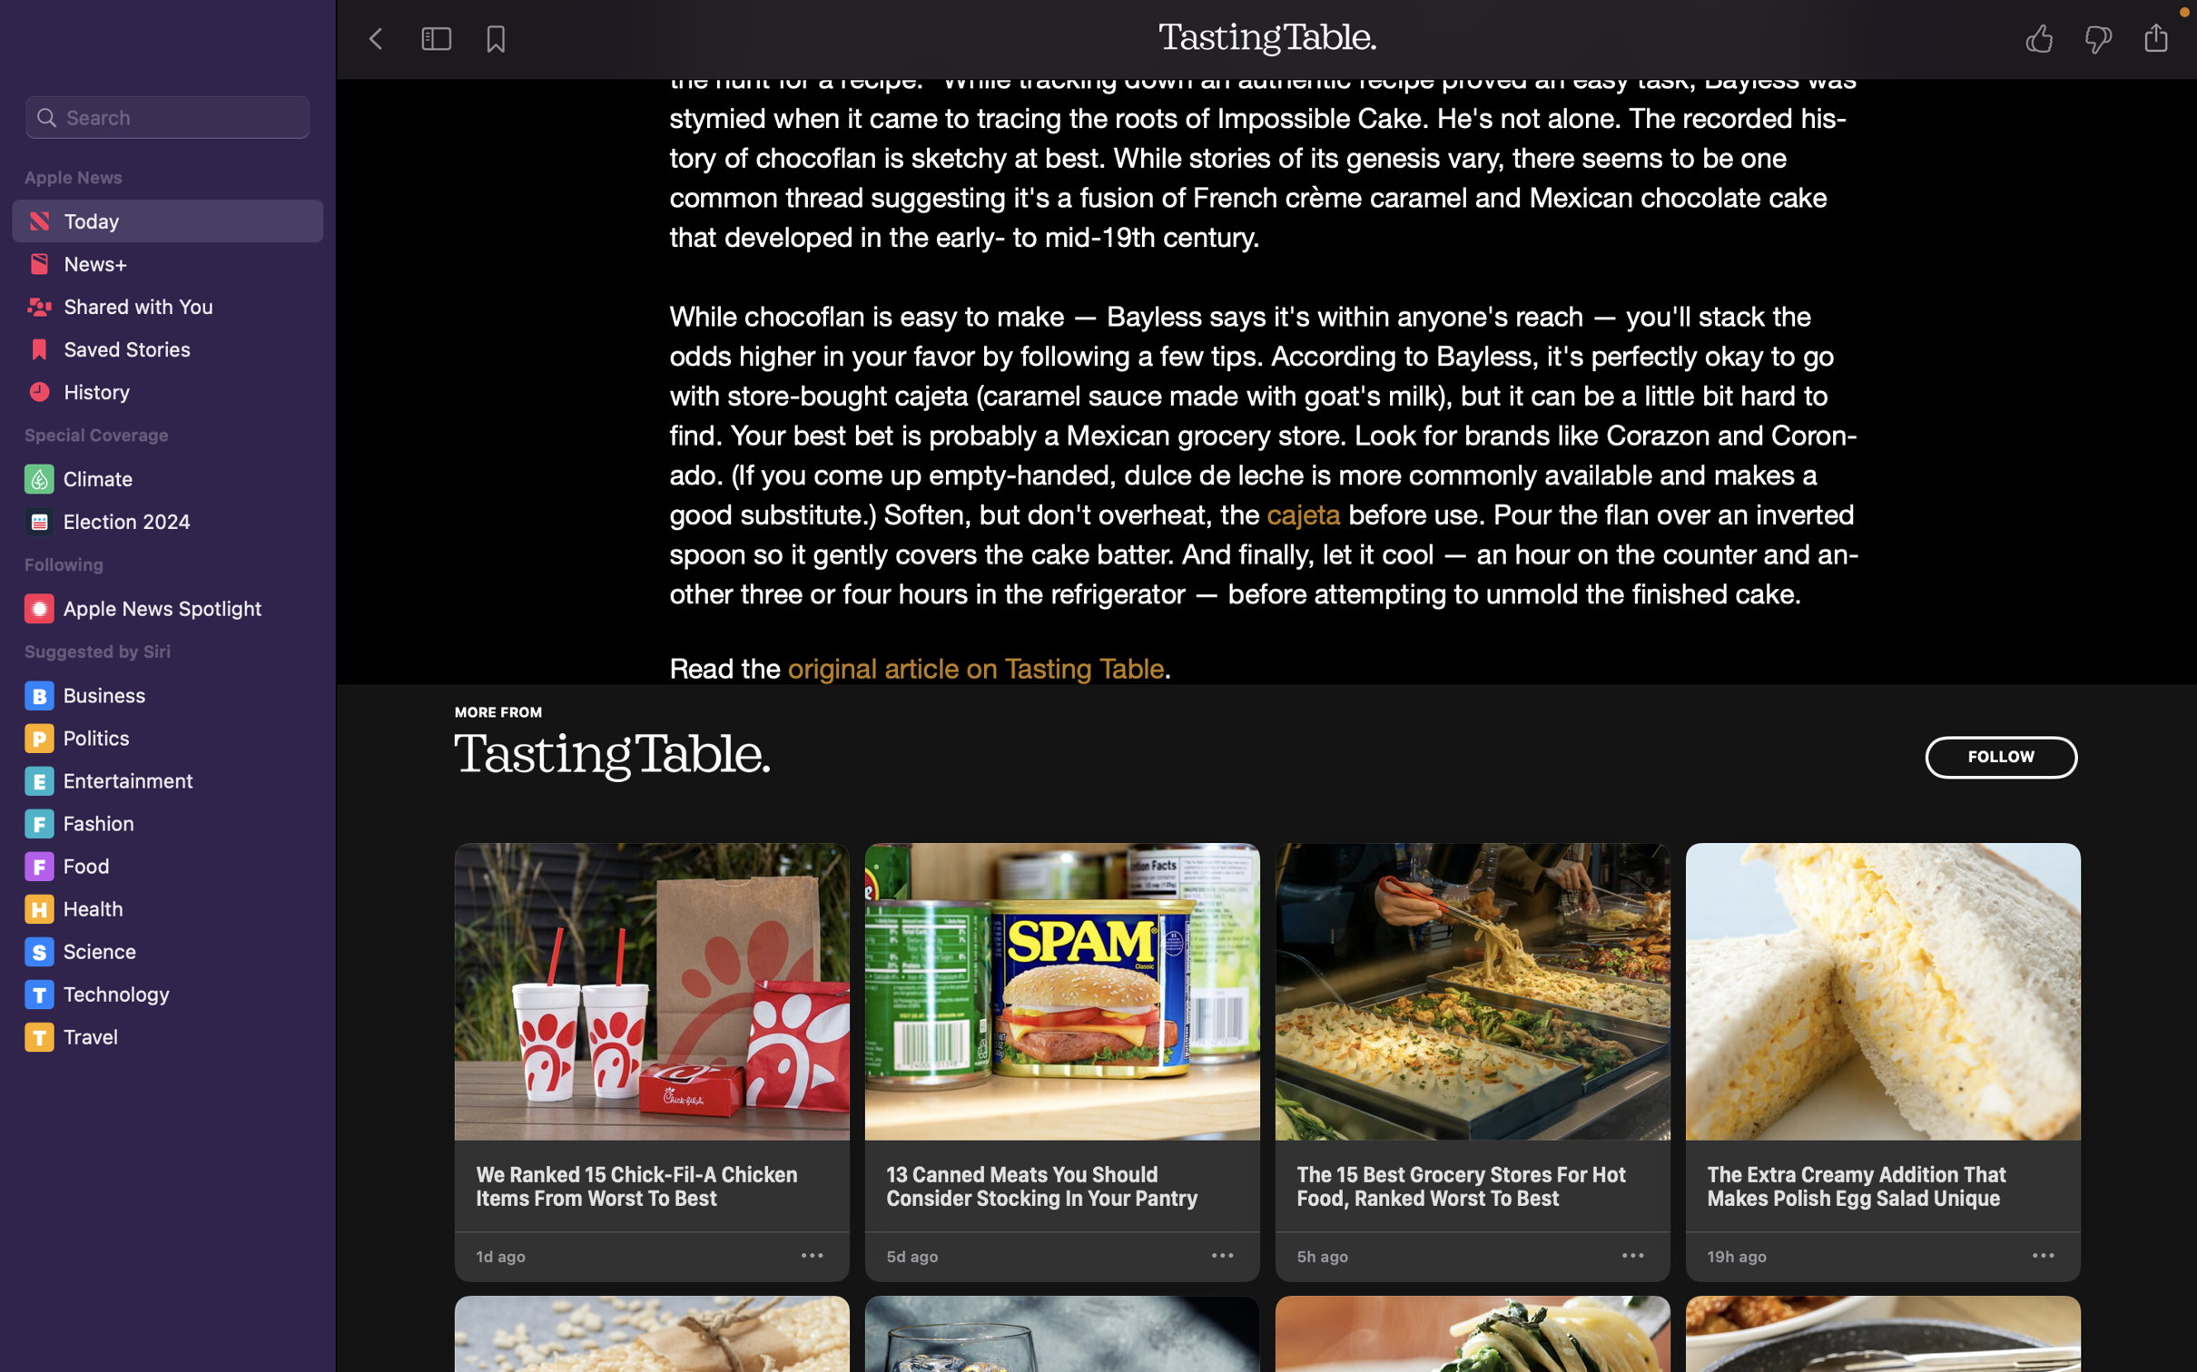 This screenshot has width=2197, height=1372. What do you see at coordinates (2162, 37) in the screenshot?
I see `Share the story to Notes application` at bounding box center [2162, 37].